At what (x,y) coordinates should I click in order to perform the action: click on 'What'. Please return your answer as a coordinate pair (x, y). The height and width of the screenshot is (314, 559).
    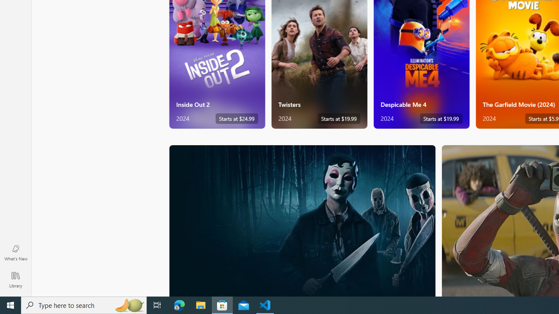
    Looking at the image, I should click on (15, 252).